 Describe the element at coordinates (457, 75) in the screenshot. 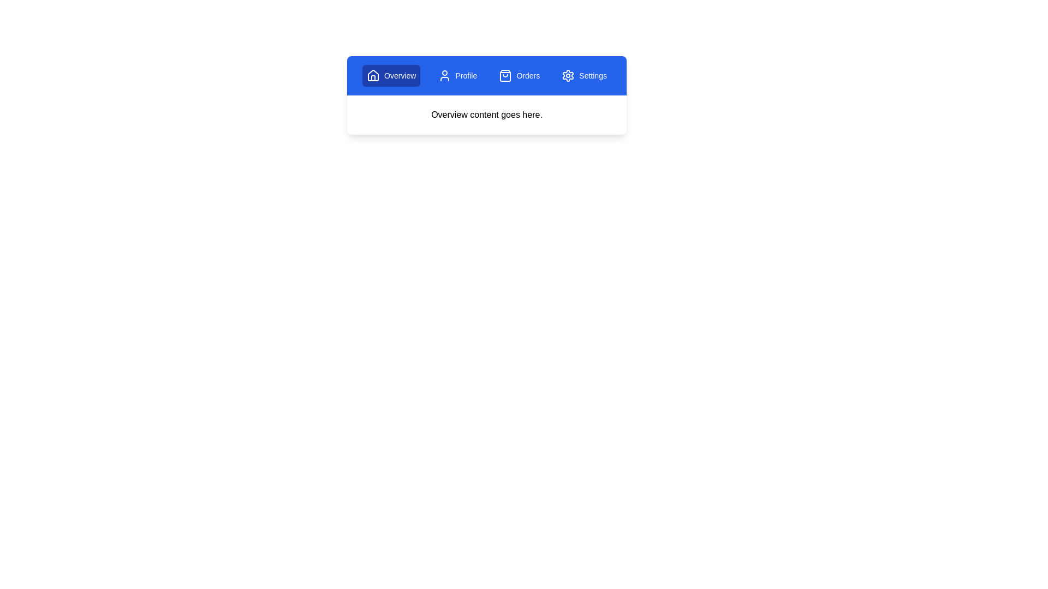

I see `the profile navigation button located in the navigation bar, which is the second item from the left` at that location.